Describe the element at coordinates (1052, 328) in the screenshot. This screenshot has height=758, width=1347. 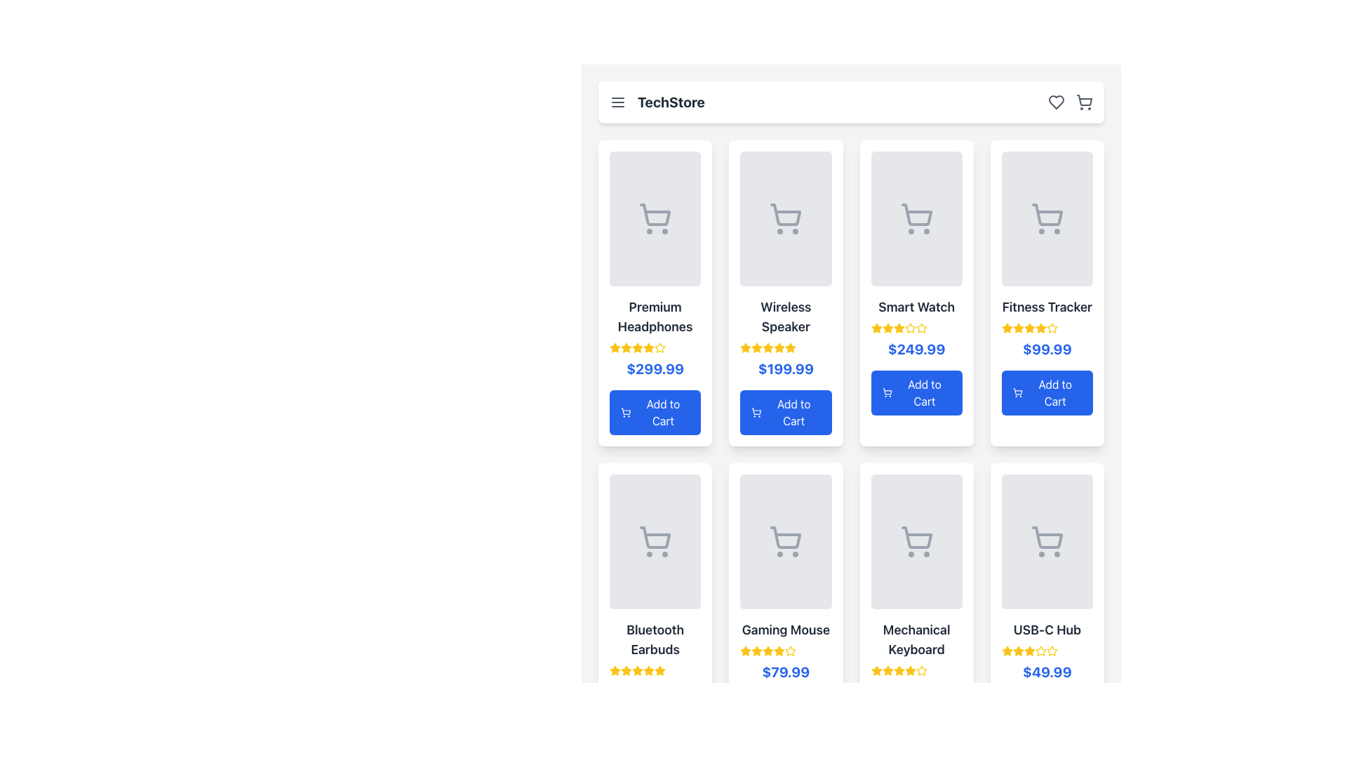
I see `the fifth star in the row of six stars that indicates the rating for the 'Fitness Tracker' product` at that location.